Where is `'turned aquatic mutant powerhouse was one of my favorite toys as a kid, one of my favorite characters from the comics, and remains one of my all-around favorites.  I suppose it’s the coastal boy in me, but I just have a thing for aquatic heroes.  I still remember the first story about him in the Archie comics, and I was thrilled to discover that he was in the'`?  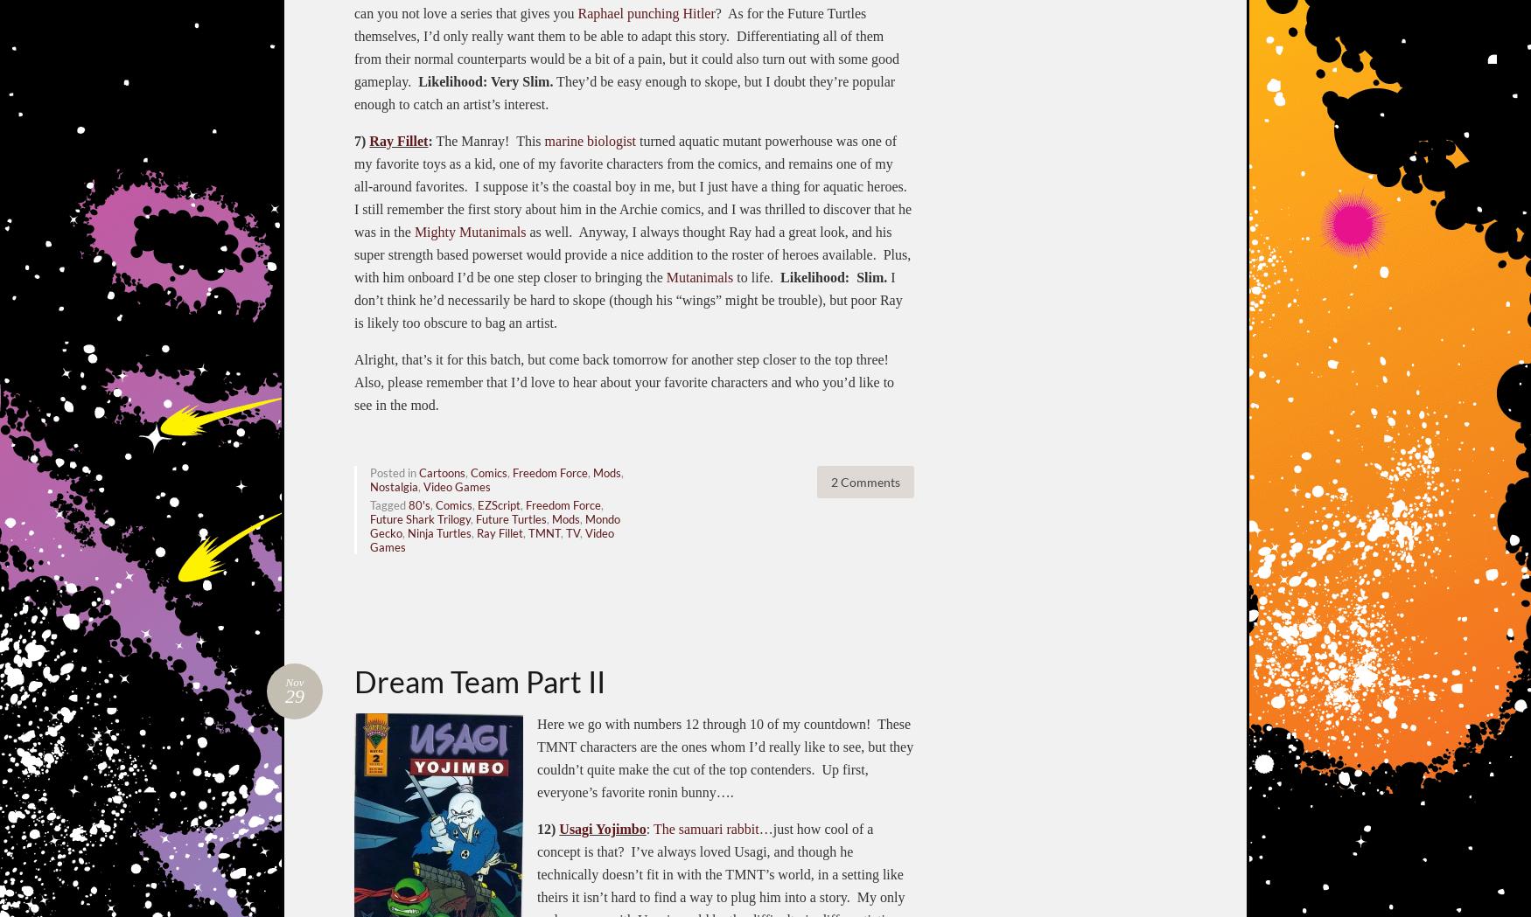 'turned aquatic mutant powerhouse was one of my favorite toys as a kid, one of my favorite characters from the comics, and remains one of my all-around favorites.  I suppose it’s the coastal boy in me, but I just have a thing for aquatic heroes.  I still remember the first story about him in the Archie comics, and I was thrilled to discover that he was in the' is located at coordinates (353, 185).